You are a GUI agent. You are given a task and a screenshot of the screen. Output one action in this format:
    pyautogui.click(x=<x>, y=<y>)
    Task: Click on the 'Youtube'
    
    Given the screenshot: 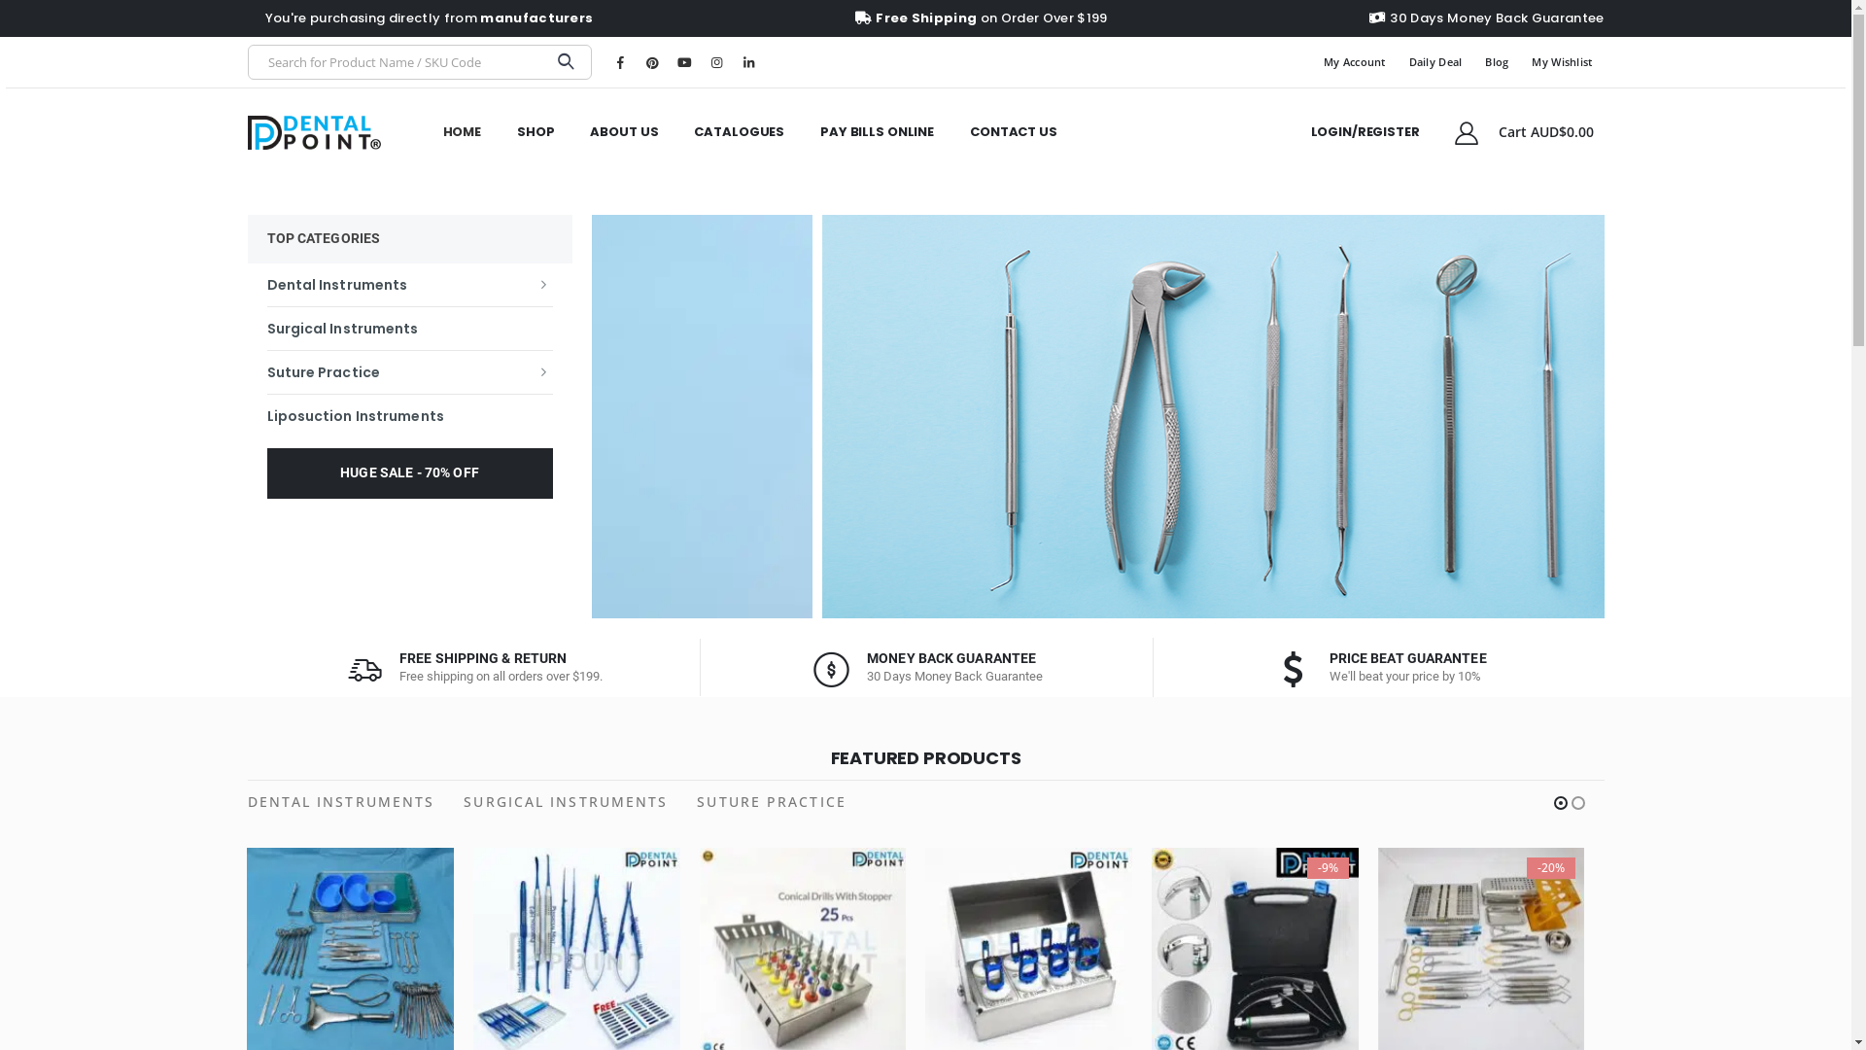 What is the action you would take?
    pyautogui.click(x=684, y=61)
    